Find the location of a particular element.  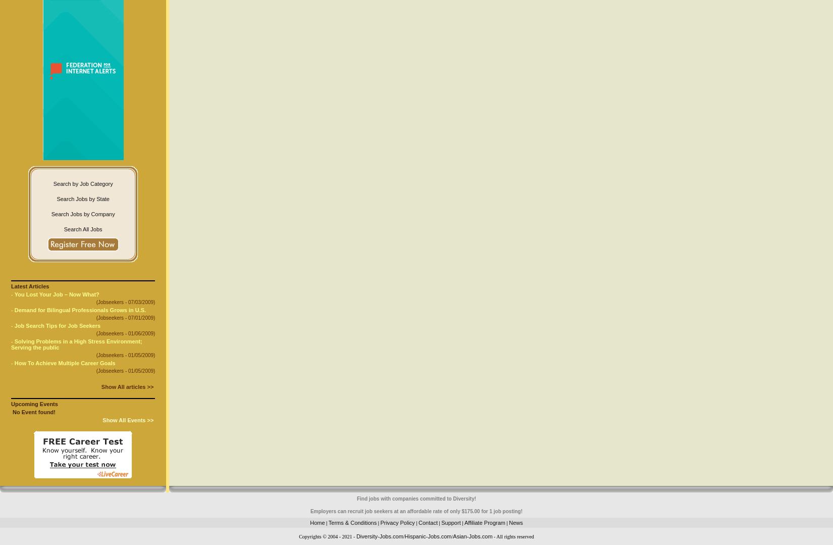

'Search 
                        Jobs by Company' is located at coordinates (83, 214).